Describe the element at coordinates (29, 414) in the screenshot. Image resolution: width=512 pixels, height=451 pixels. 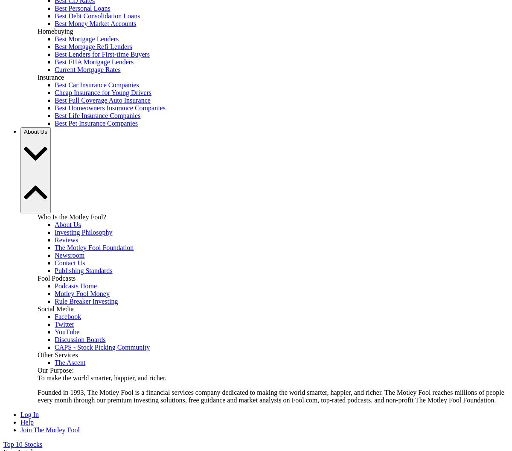
I see `'Log In'` at that location.